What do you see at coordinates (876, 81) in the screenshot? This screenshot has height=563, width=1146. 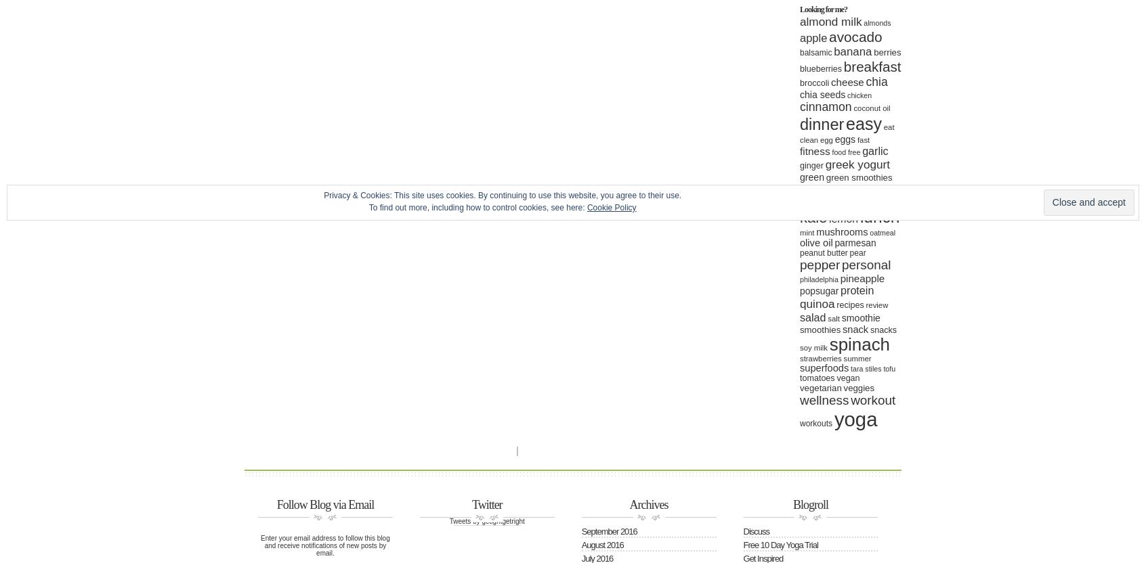 I see `'chia'` at bounding box center [876, 81].